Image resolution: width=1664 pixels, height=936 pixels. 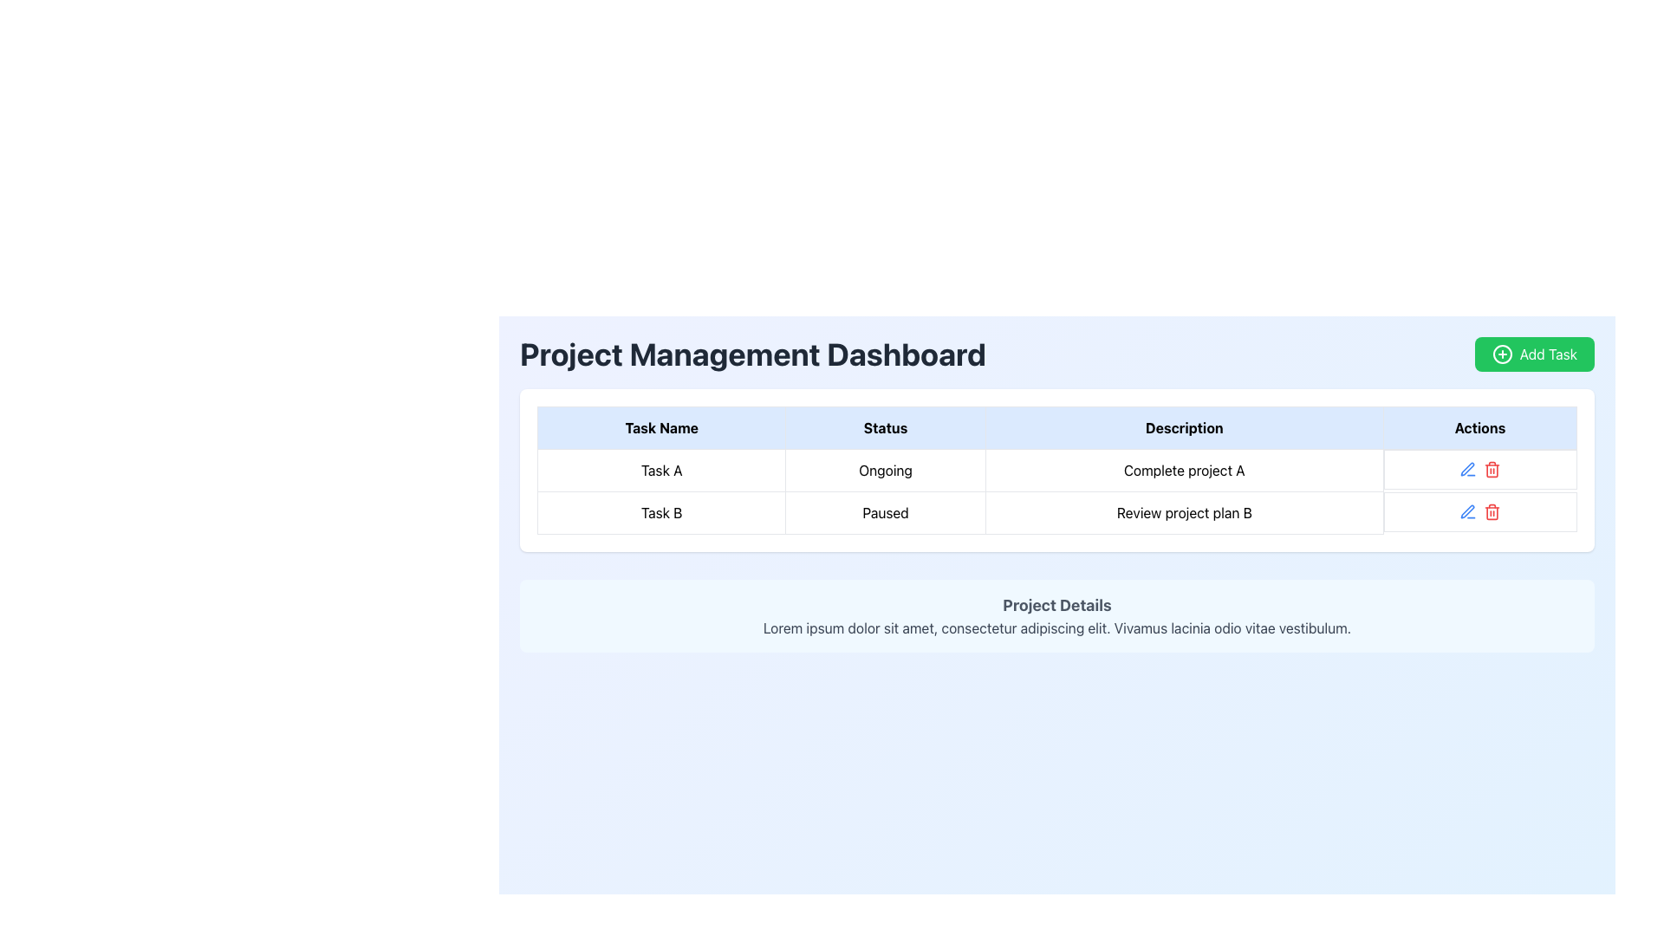 I want to click on the edit icon represented by a pen symbol located in the 'Actions' column of the second row in the task management table, so click(x=1466, y=469).